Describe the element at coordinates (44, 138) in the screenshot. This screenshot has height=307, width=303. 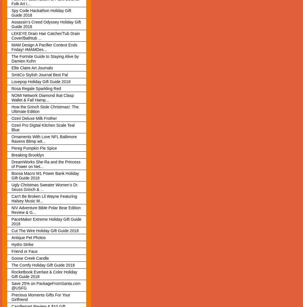
I see `'Ornaments With Love NFL Baltimore Ravens Blimp wit...'` at that location.